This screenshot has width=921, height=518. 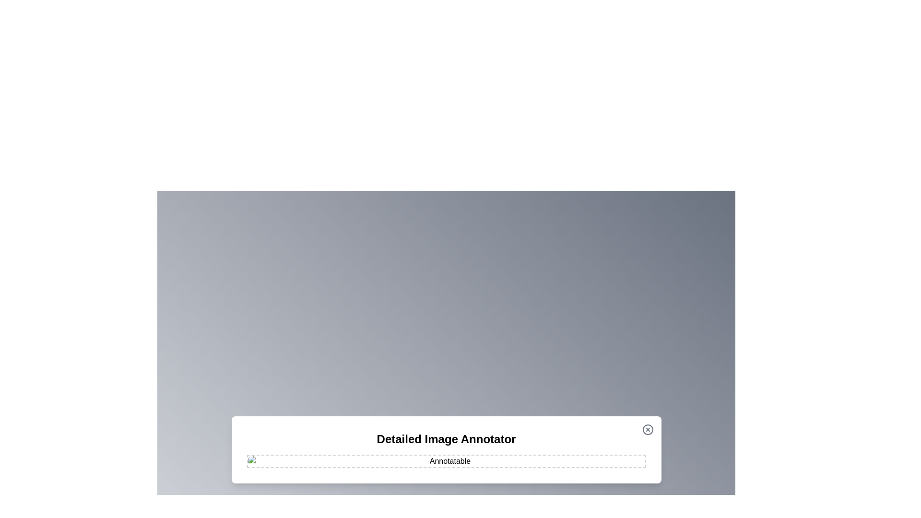 I want to click on the image at coordinates (1001, 968) to add an annotation, so click(x=480, y=464).